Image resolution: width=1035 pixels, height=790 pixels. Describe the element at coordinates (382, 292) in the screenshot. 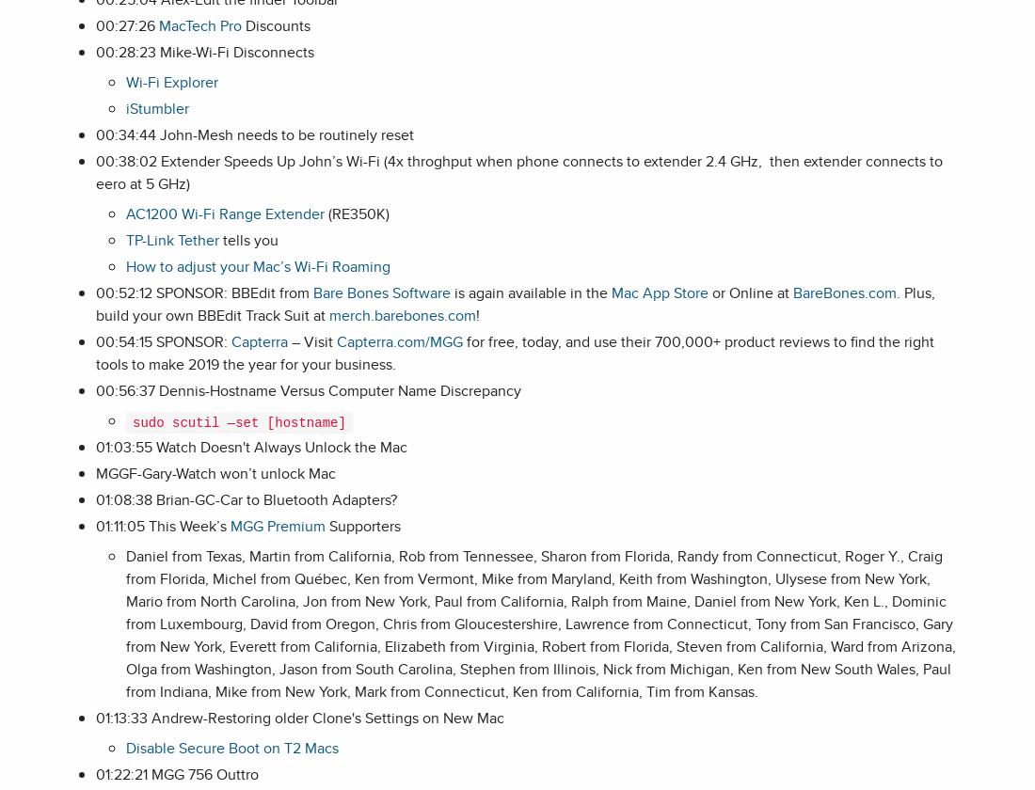

I see `'Bare Bones Software'` at that location.